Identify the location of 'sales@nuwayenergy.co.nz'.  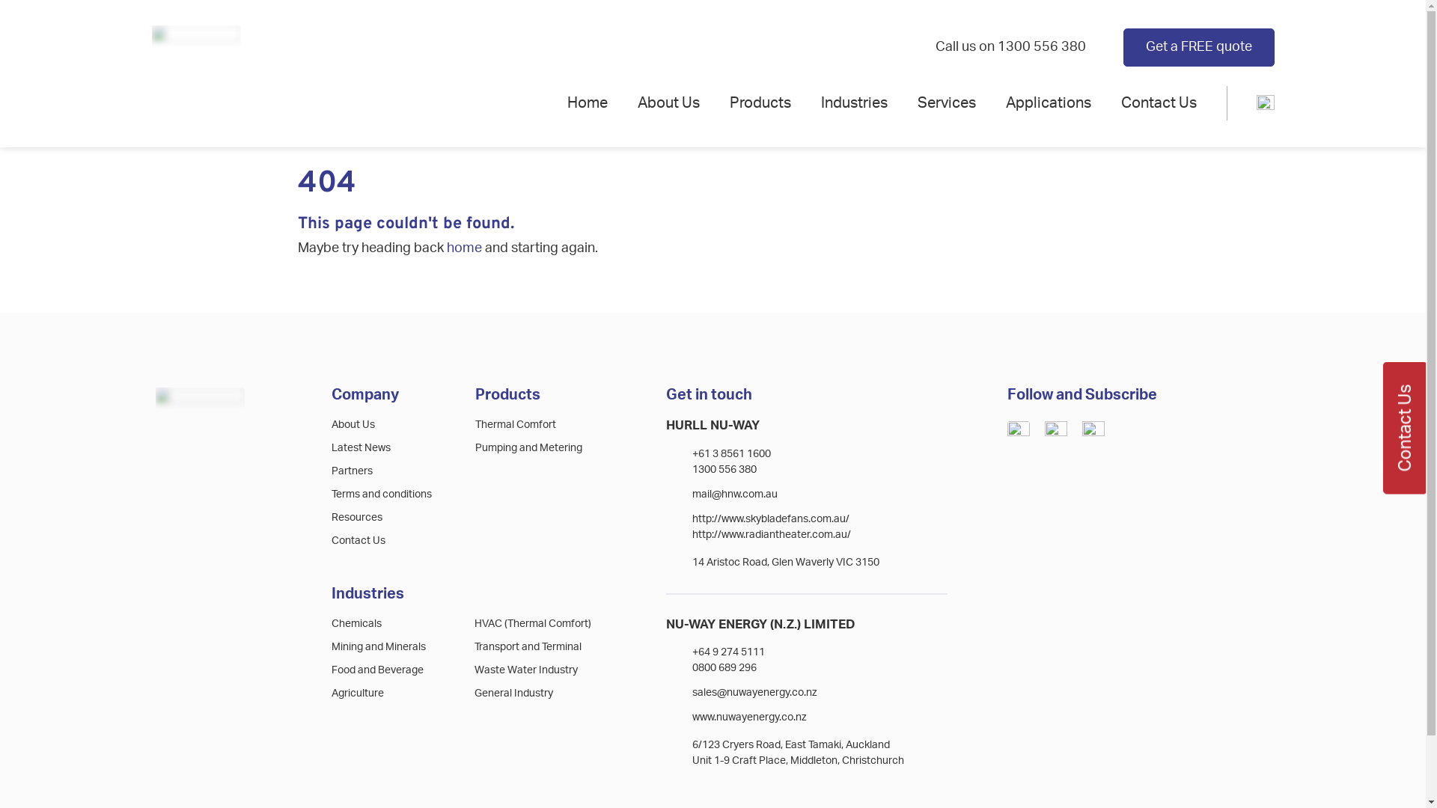
(754, 692).